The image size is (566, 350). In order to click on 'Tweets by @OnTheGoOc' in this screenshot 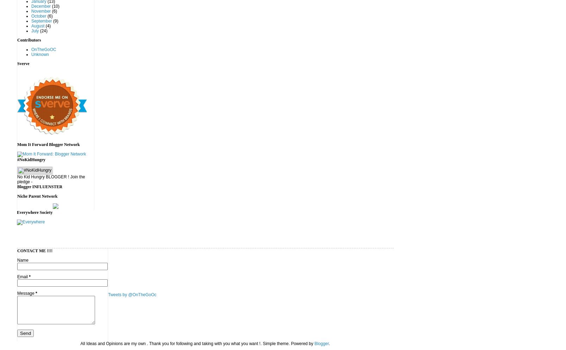, I will do `click(132, 294)`.